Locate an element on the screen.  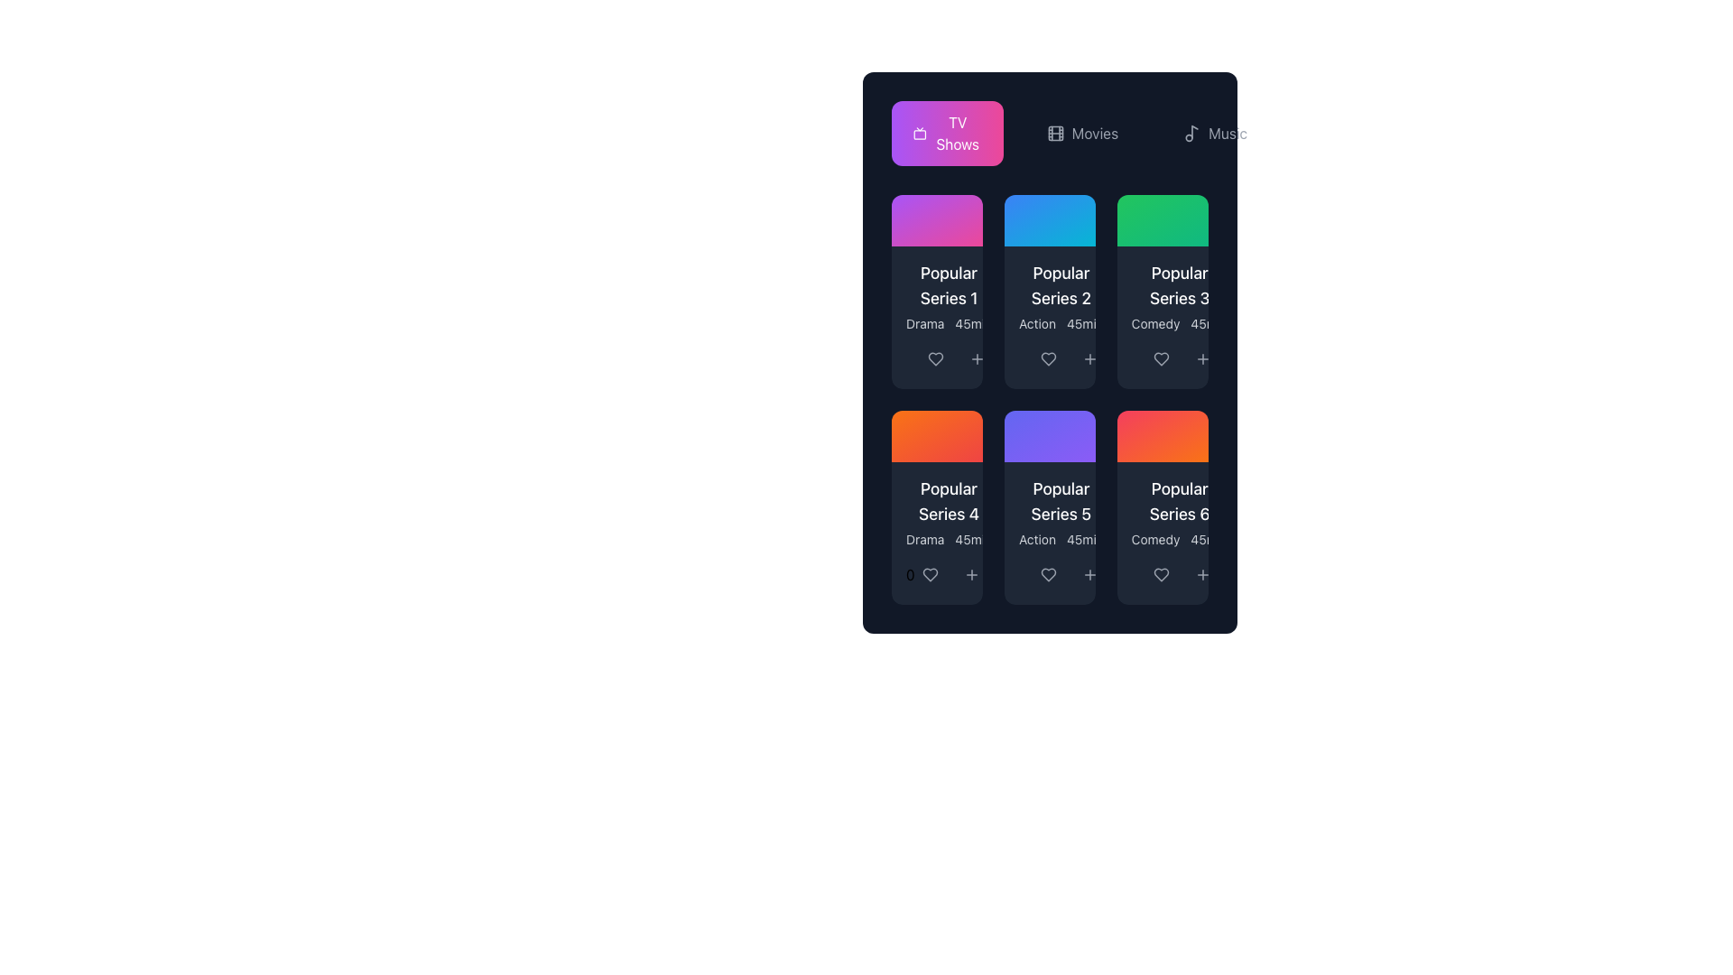
the '+' icon on the Card component located in the last position of the second row within the grid layout is located at coordinates (1163, 507).